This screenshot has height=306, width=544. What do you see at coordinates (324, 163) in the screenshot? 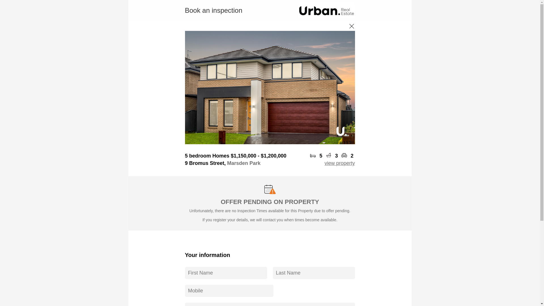
I see `'view property'` at bounding box center [324, 163].